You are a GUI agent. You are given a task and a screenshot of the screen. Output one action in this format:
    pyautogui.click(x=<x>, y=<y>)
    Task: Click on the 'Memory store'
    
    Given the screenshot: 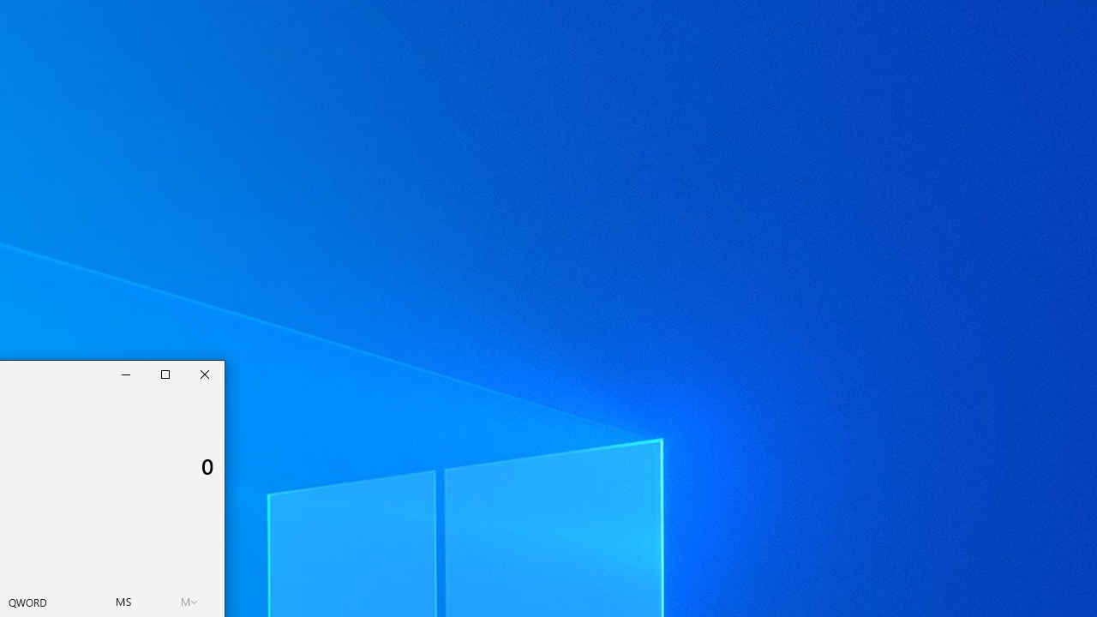 What is the action you would take?
    pyautogui.click(x=123, y=601)
    